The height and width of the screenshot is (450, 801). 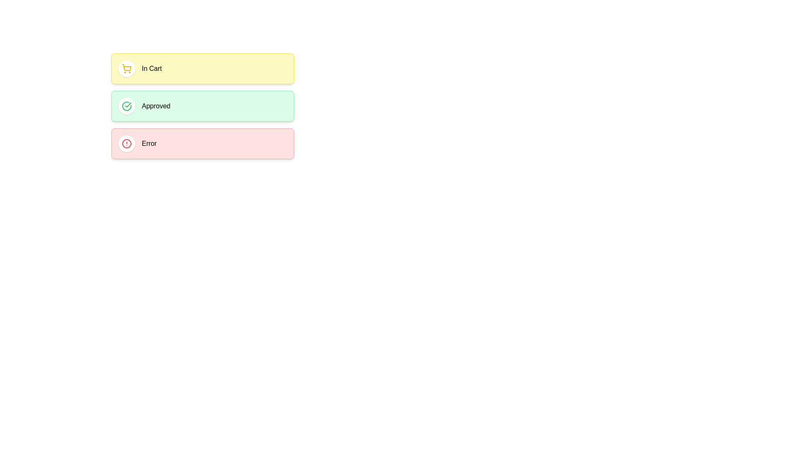 What do you see at coordinates (126, 68) in the screenshot?
I see `the round button with a white background and a yellow shopping cart icon, located at the left side of the yellow card containing the text 'In Cart'` at bounding box center [126, 68].